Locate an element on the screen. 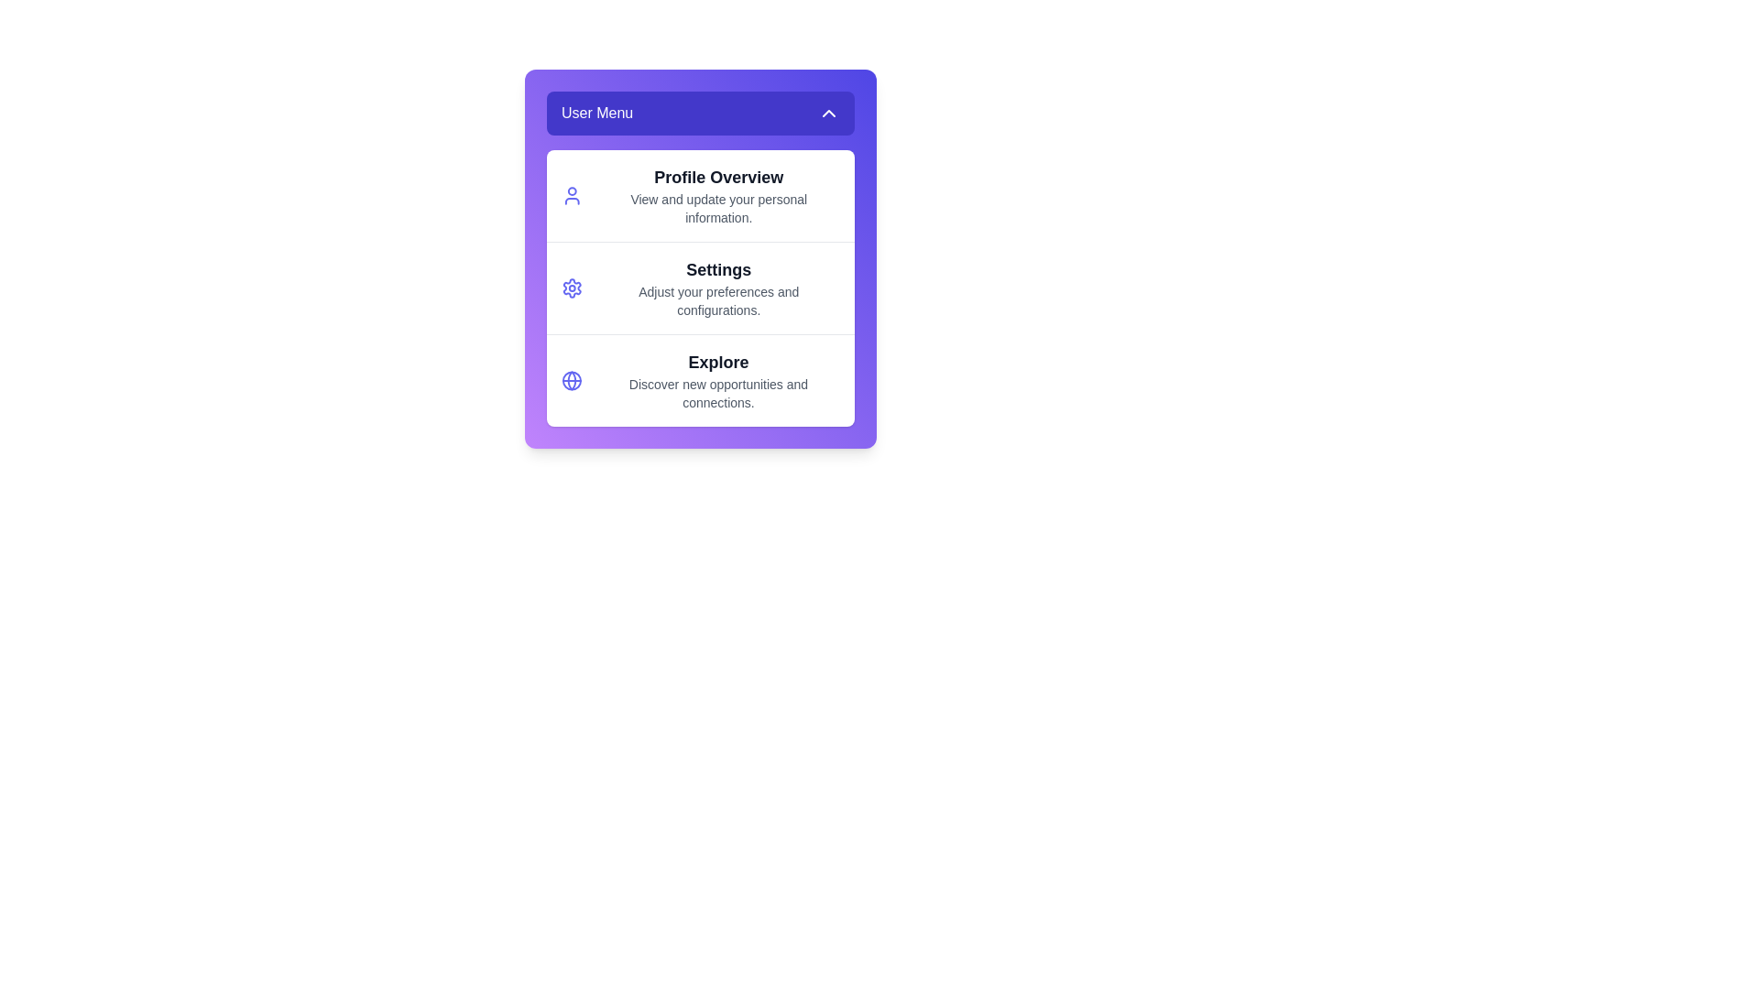  the gear icon indicating settings functionality, which is prominently displayed in the settings section of the menu interface is located at coordinates (571, 288).